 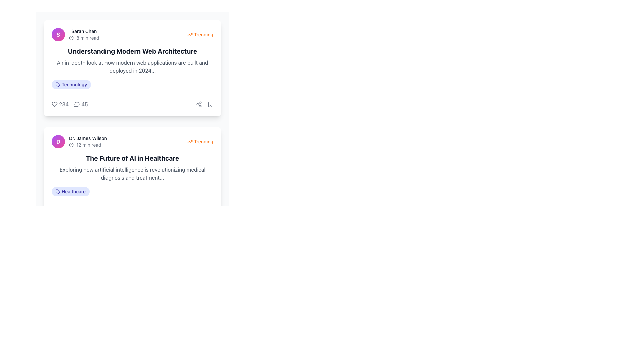 What do you see at coordinates (210, 104) in the screenshot?
I see `the bookmark icon located in the top-right area of the 'Understanding Modern Web Architecture' post` at bounding box center [210, 104].